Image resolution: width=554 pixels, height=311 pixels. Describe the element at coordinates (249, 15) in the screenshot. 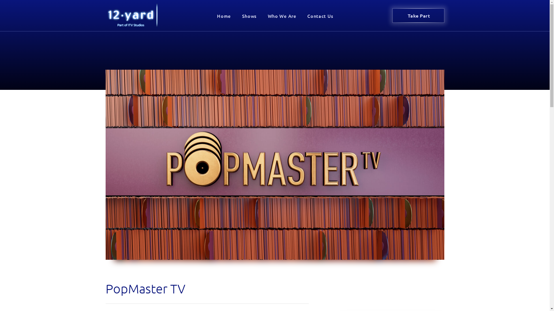

I see `'Shows'` at that location.